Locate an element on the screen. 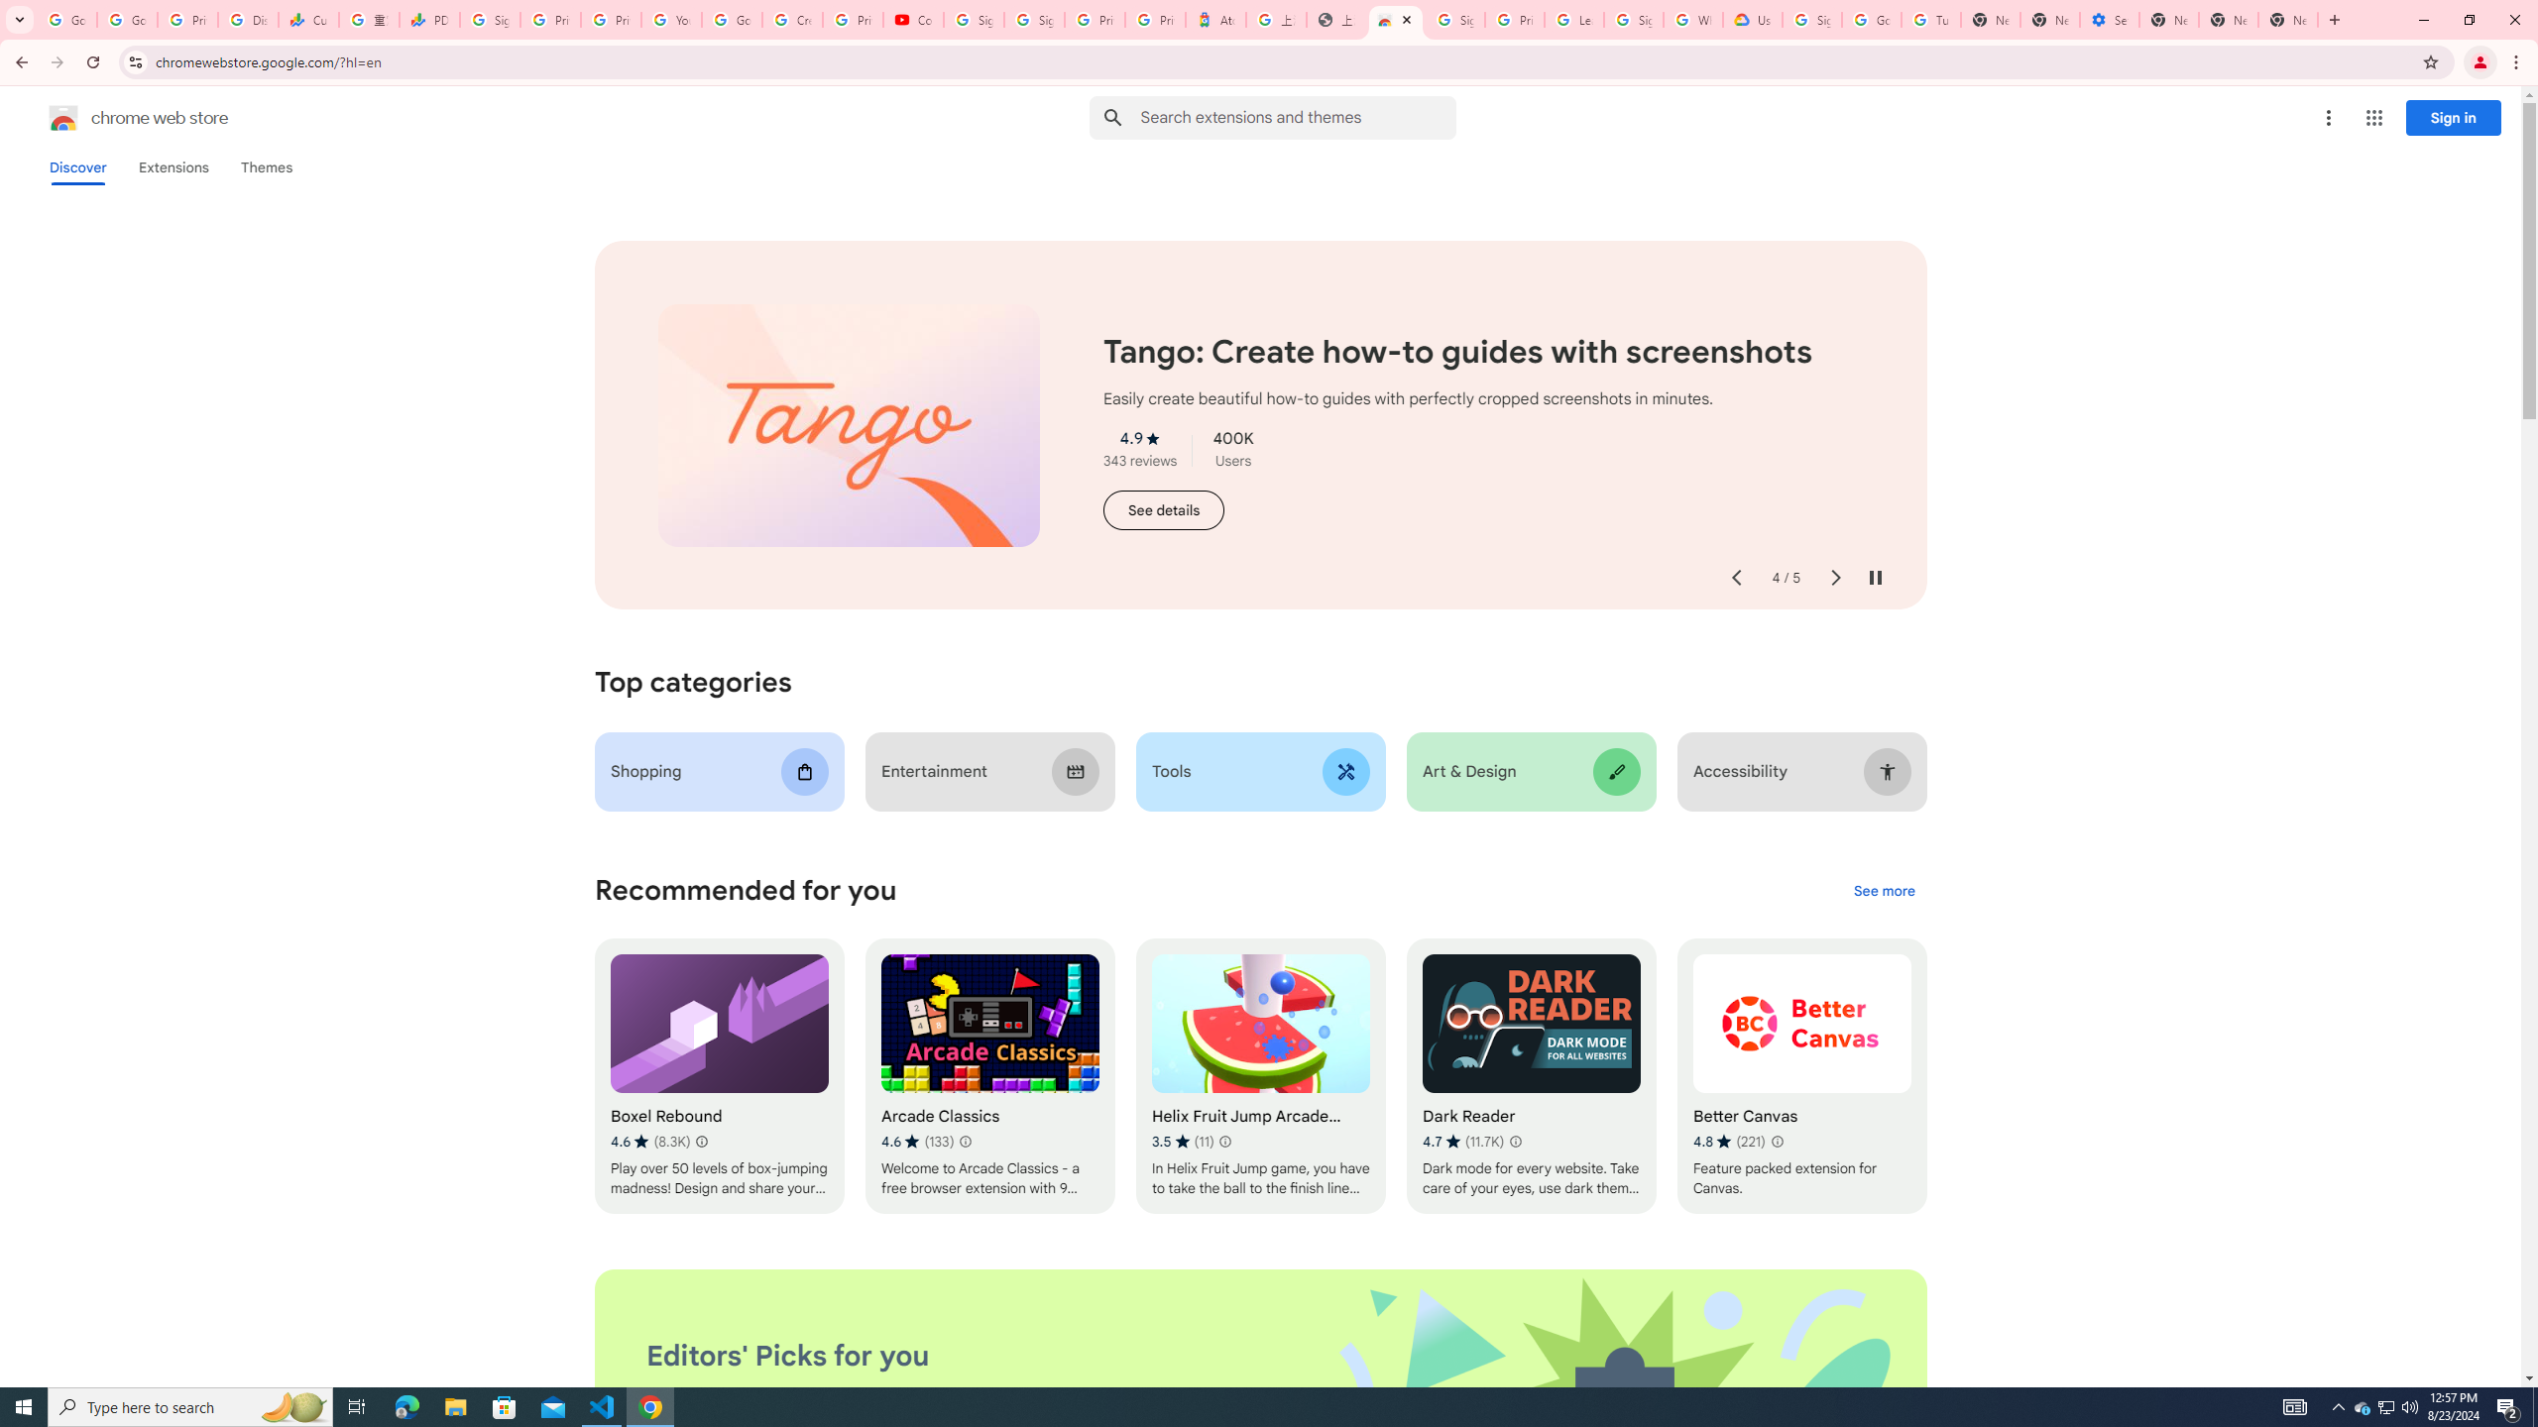 The width and height of the screenshot is (2538, 1427). 'Search input' is located at coordinates (1297, 117).